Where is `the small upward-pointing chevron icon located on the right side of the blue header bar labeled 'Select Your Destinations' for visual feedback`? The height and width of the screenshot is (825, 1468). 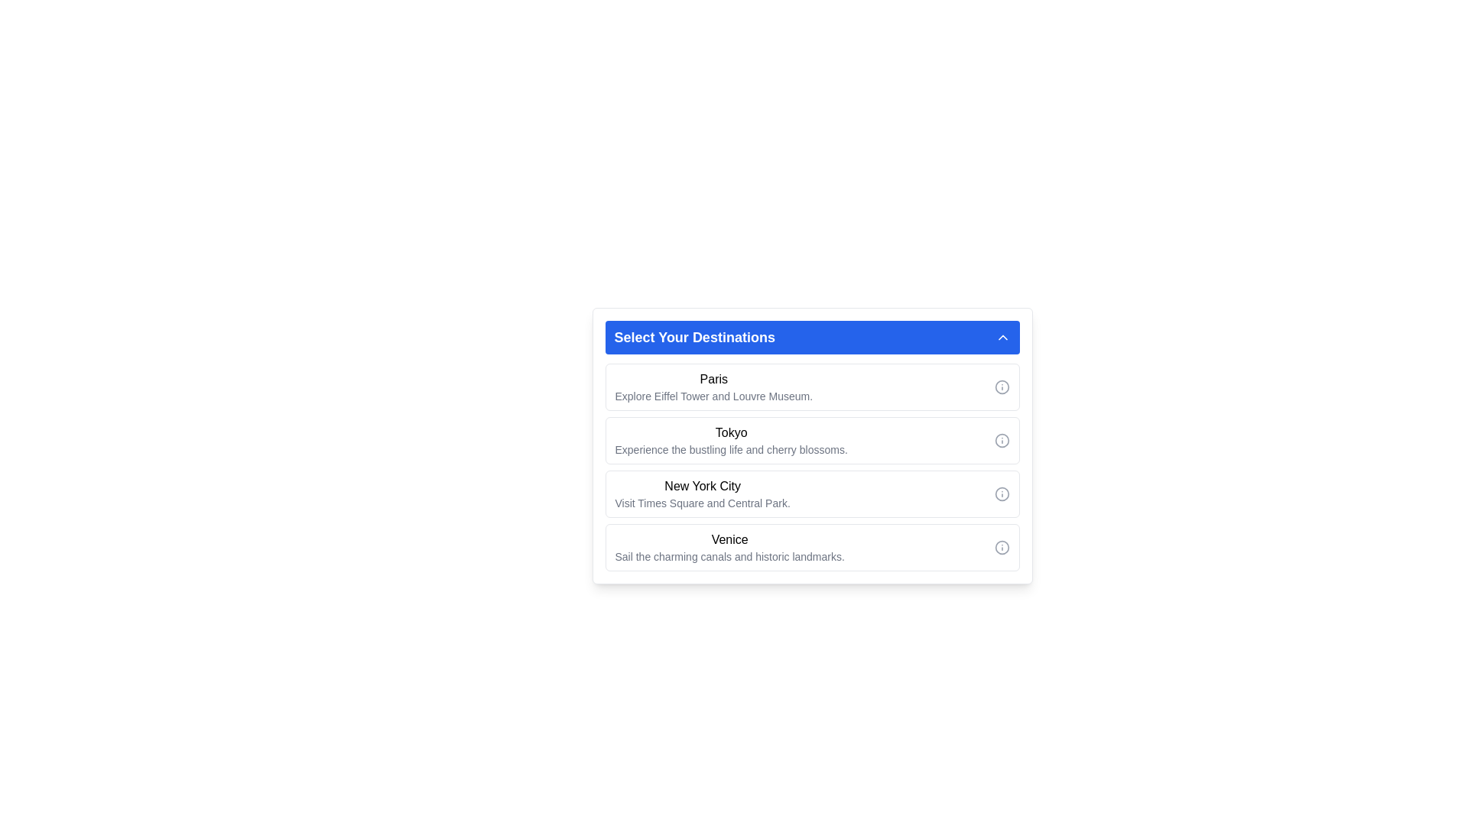
the small upward-pointing chevron icon located on the right side of the blue header bar labeled 'Select Your Destinations' for visual feedback is located at coordinates (1002, 337).